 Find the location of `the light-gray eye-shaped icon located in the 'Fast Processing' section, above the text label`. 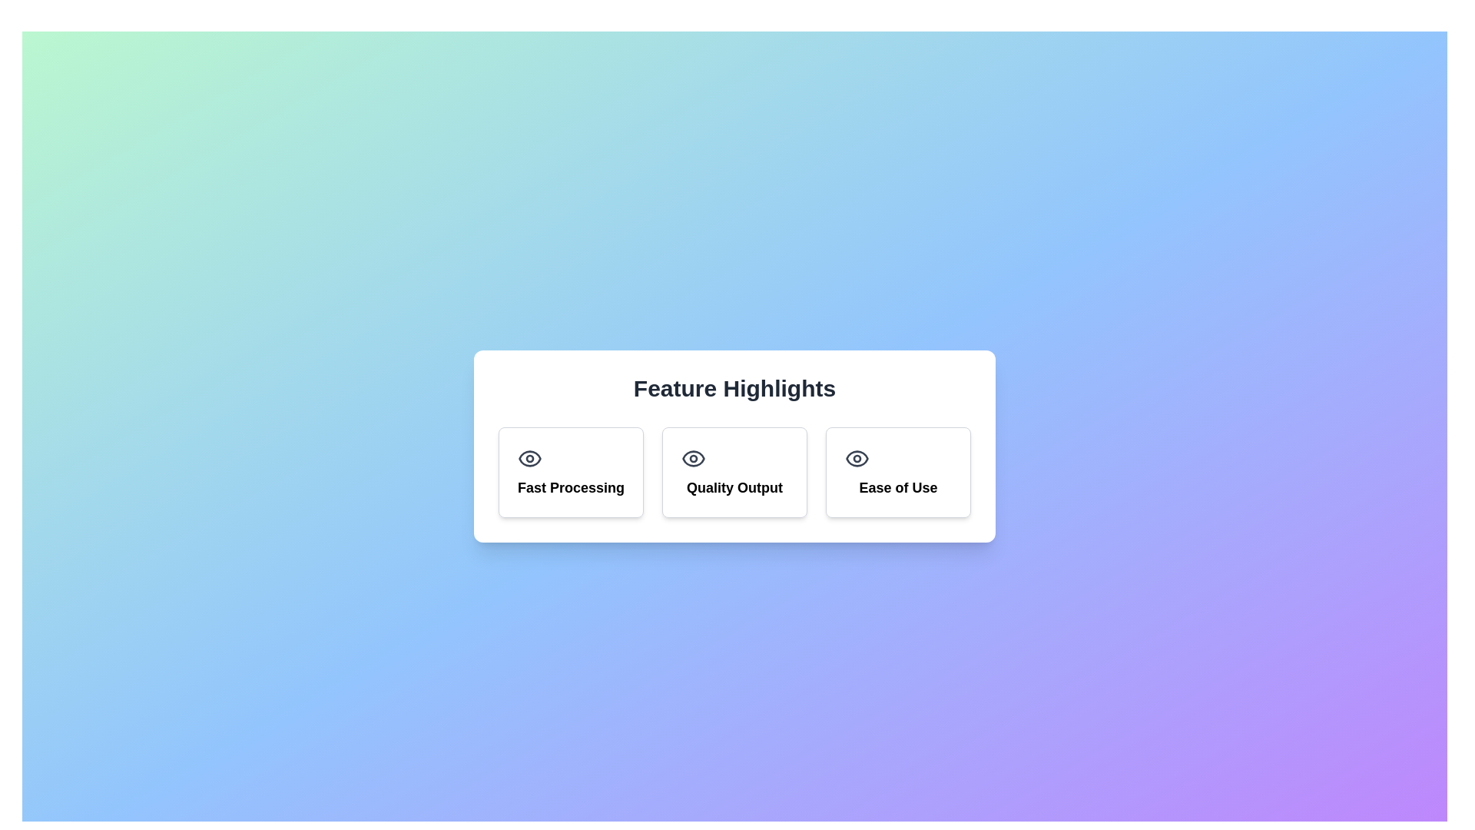

the light-gray eye-shaped icon located in the 'Fast Processing' section, above the text label is located at coordinates (529, 458).